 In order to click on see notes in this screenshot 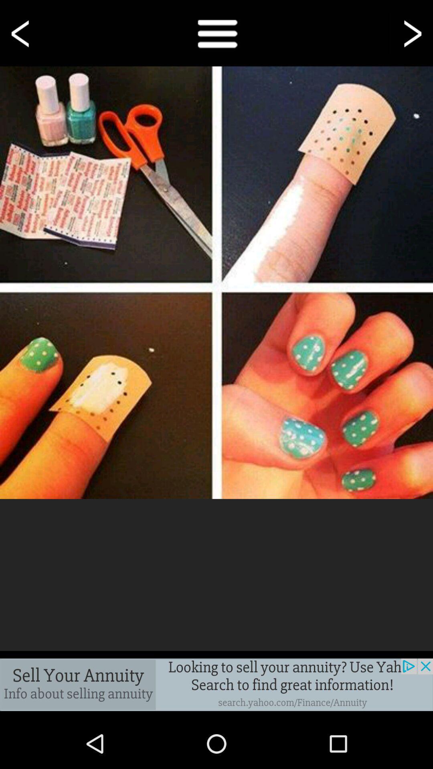, I will do `click(216, 32)`.